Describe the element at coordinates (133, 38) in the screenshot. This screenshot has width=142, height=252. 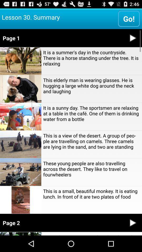
I see `play` at that location.